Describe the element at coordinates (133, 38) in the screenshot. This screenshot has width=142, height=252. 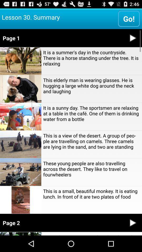
I see `play` at that location.